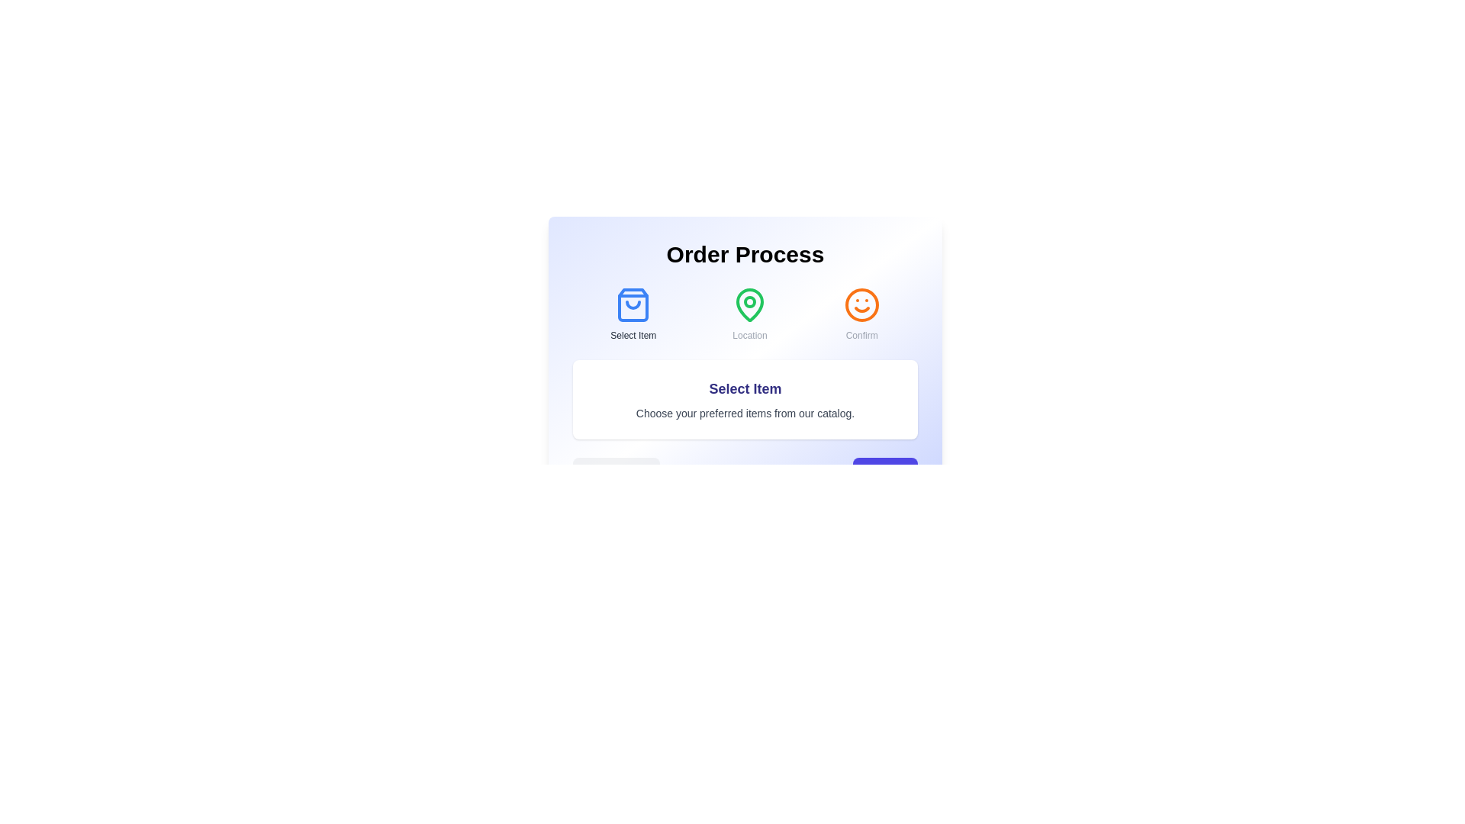 This screenshot has height=824, width=1465. What do you see at coordinates (861, 305) in the screenshot?
I see `the icon representing the step Confirm` at bounding box center [861, 305].